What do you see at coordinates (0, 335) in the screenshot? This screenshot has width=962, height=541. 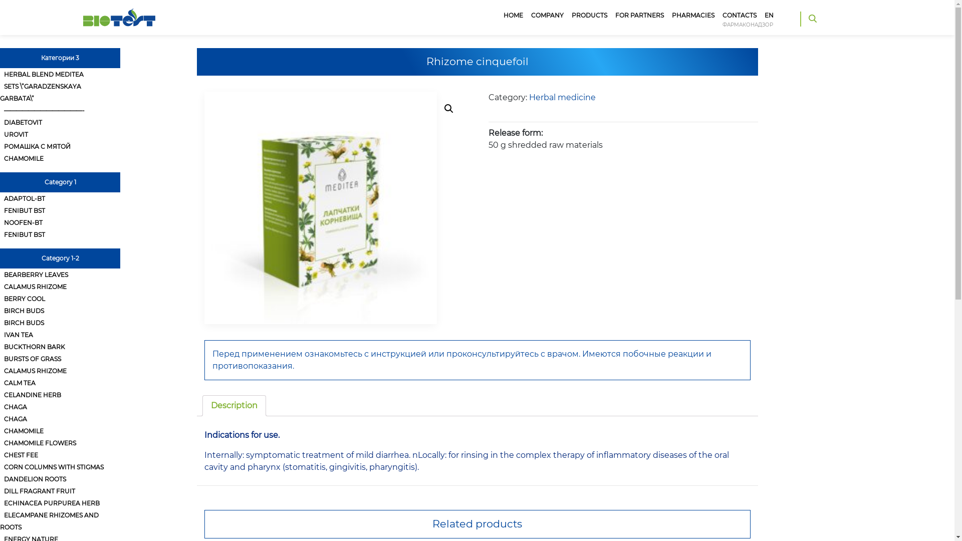 I see `'IVAN TEA'` at bounding box center [0, 335].